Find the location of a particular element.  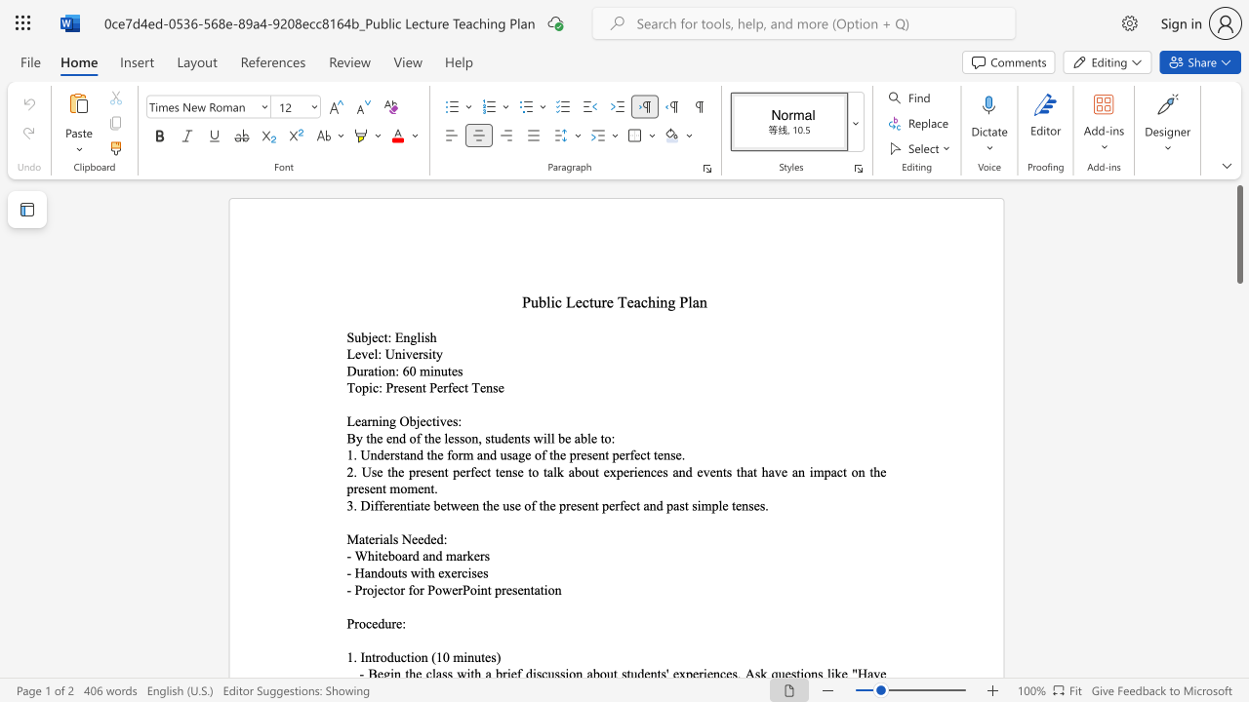

the scrollbar on the right to shift the page lower is located at coordinates (1238, 458).